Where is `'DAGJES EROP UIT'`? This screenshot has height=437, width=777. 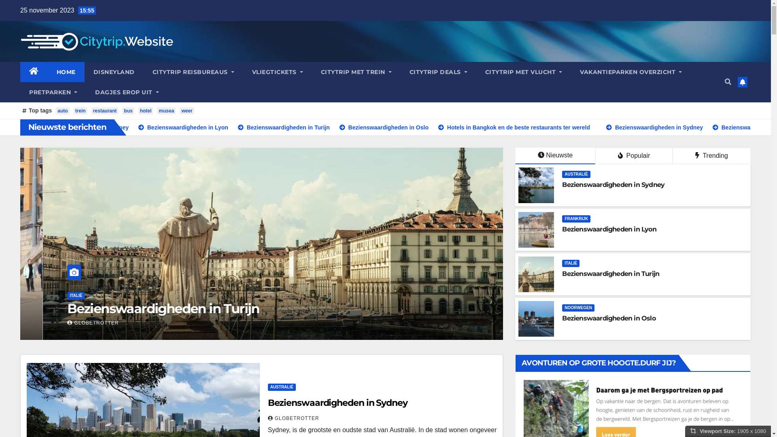 'DAGJES EROP UIT' is located at coordinates (126, 91).